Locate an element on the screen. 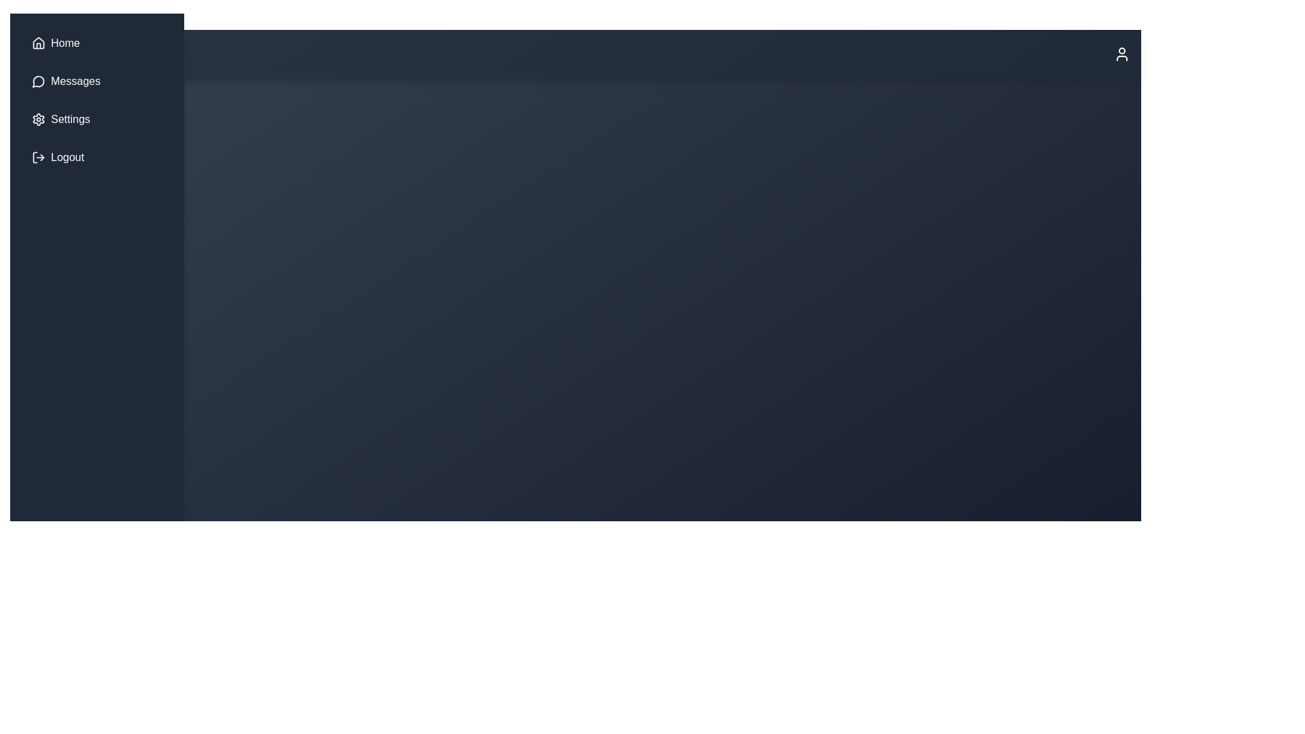  the Messages section in the navigation bar is located at coordinates (97, 81).